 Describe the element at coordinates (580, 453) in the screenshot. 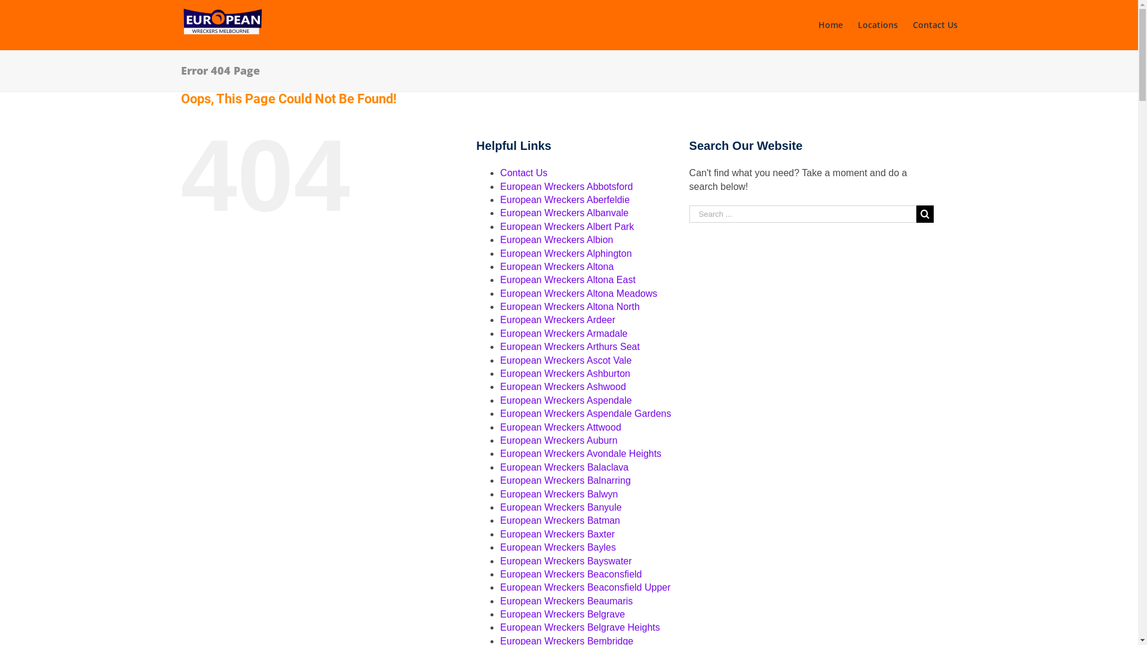

I see `'European Wreckers Avondale Heights'` at that location.